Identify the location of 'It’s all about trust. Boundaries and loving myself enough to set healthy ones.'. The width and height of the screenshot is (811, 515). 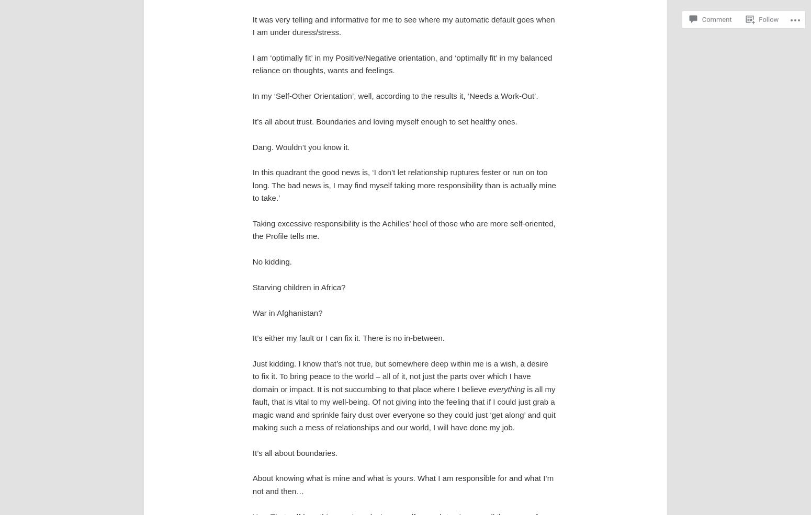
(252, 120).